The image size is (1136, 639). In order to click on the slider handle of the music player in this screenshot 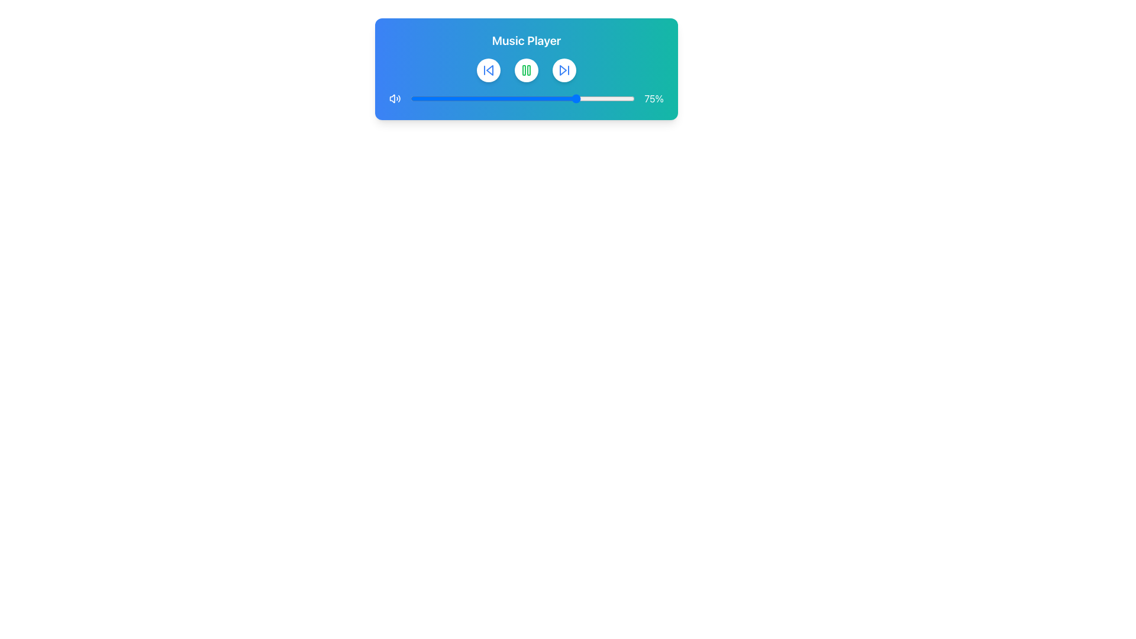, I will do `click(525, 98)`.